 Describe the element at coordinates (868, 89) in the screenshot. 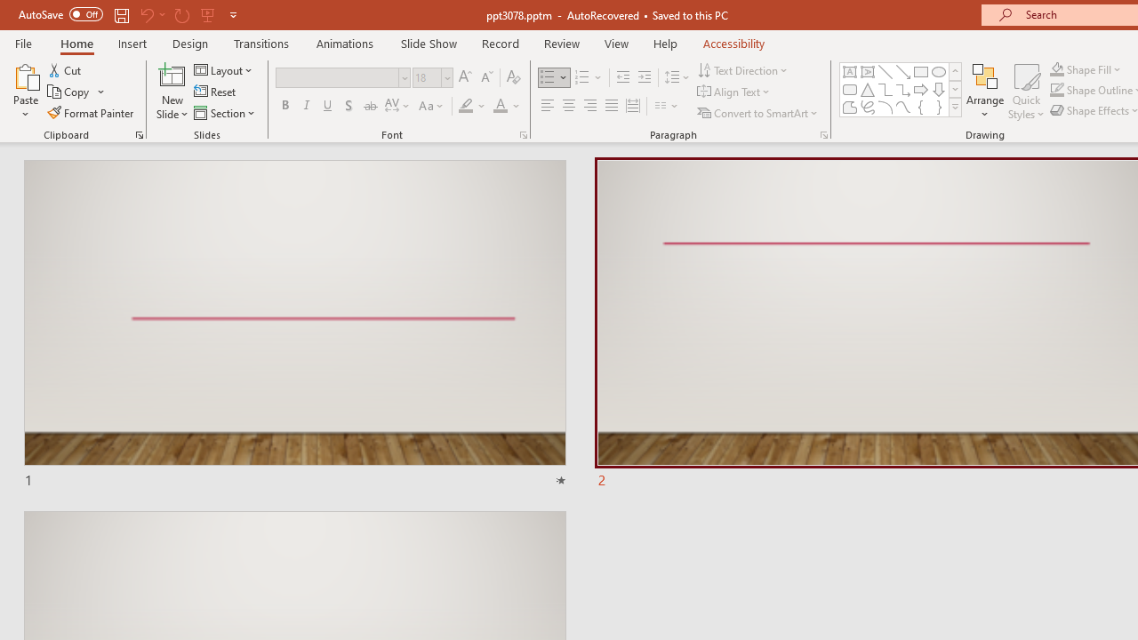

I see `'Isosceles Triangle'` at that location.